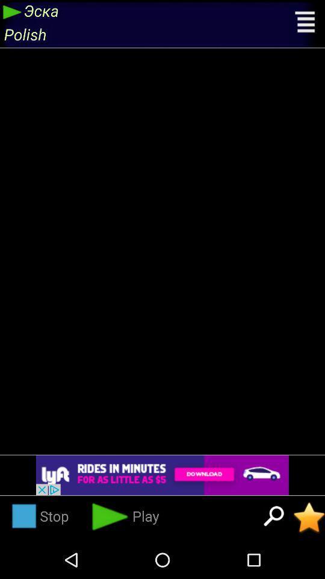 Image resolution: width=325 pixels, height=579 pixels. Describe the element at coordinates (162, 475) in the screenshot. I see `advertisement` at that location.